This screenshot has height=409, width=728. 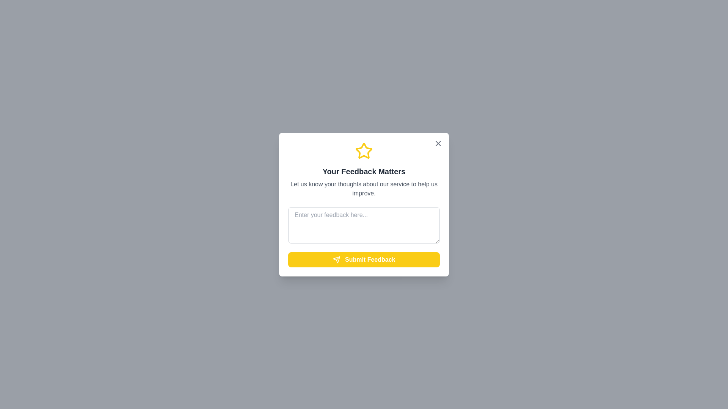 What do you see at coordinates (438, 143) in the screenshot?
I see `the close button to close the feedback dialog` at bounding box center [438, 143].